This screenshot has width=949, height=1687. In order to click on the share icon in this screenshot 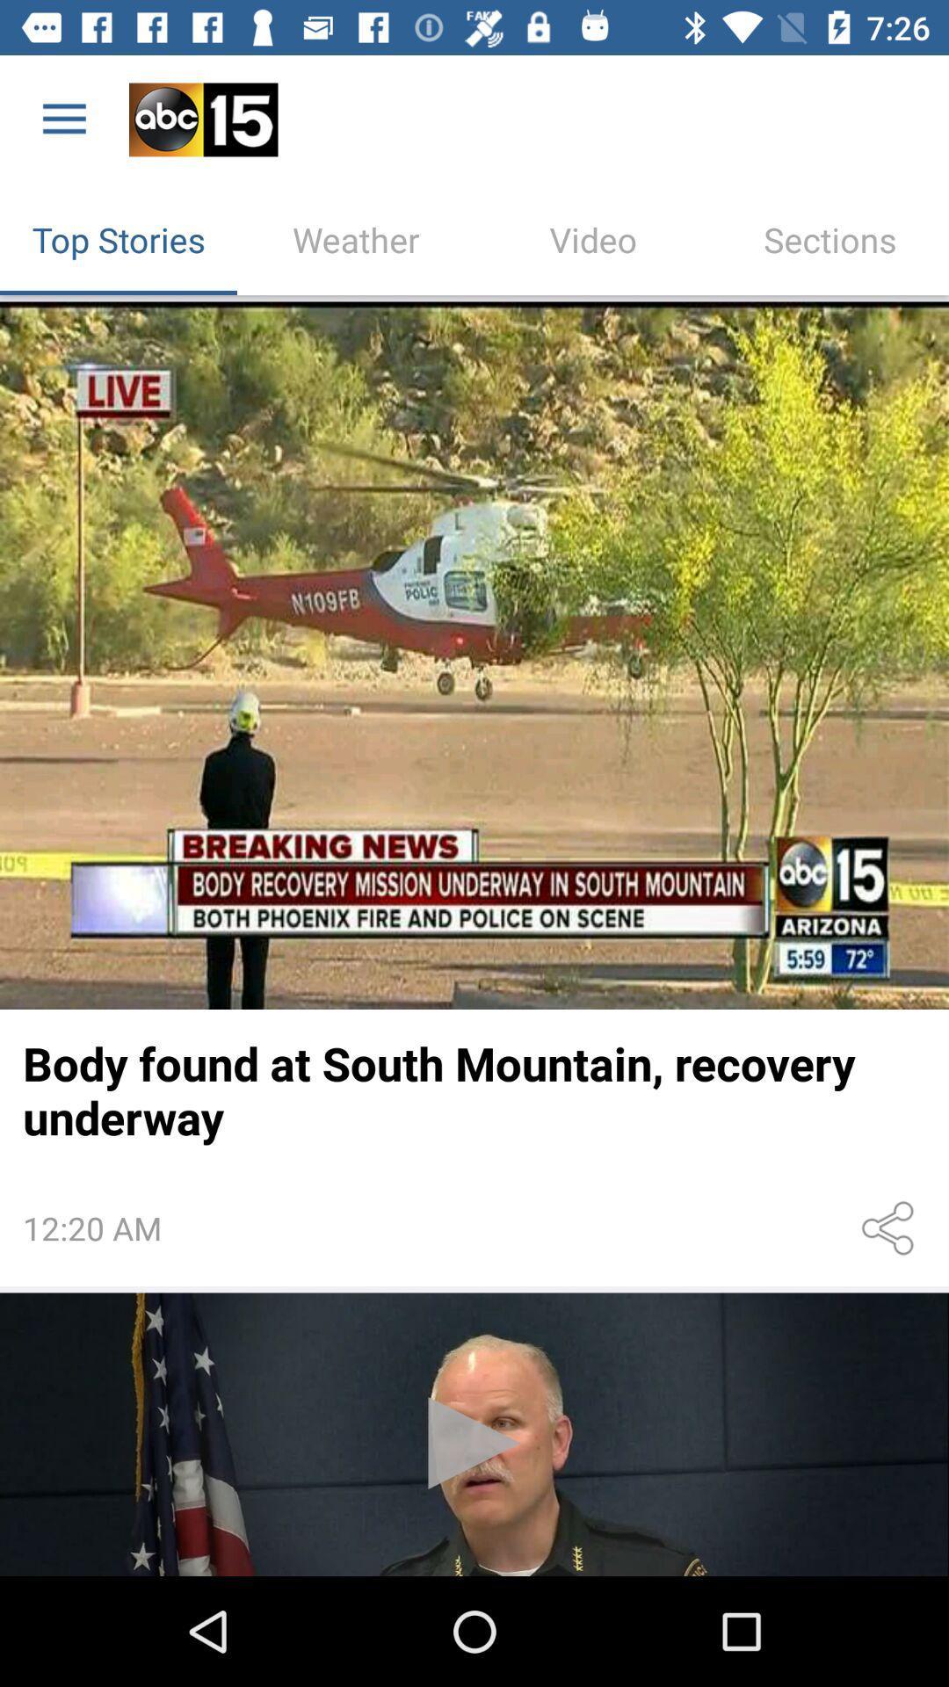, I will do `click(891, 1227)`.